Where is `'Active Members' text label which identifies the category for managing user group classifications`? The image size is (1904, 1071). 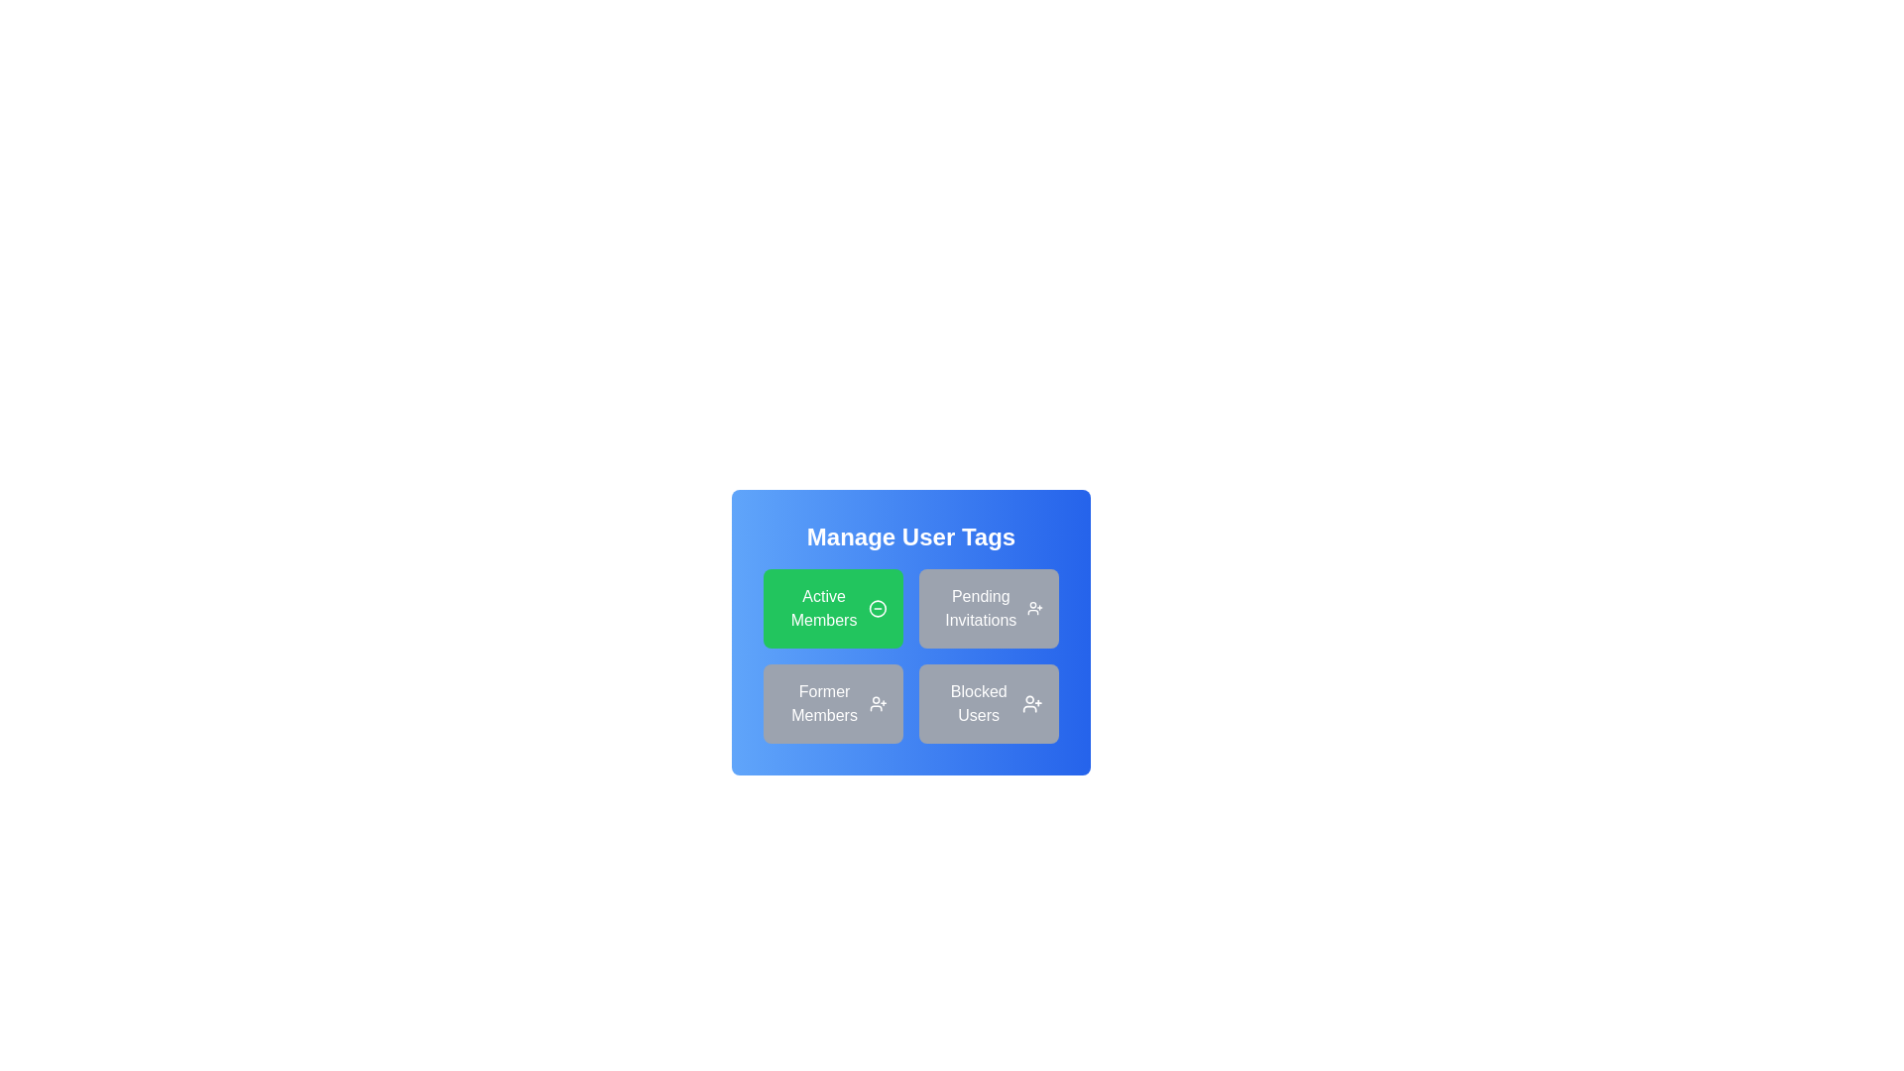
'Active Members' text label which identifies the category for managing user group classifications is located at coordinates (823, 607).